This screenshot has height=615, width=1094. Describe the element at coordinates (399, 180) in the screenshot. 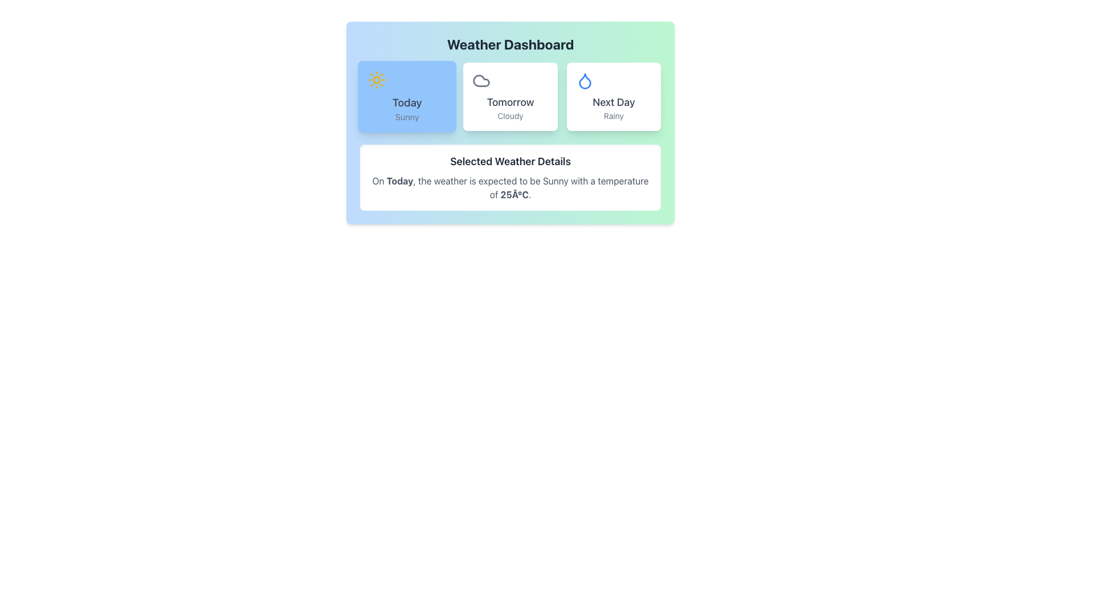

I see `the text 'Today' styled in a gray font, located in the weather details section of the interface, which is the first word of the sentence describing the weather` at that location.